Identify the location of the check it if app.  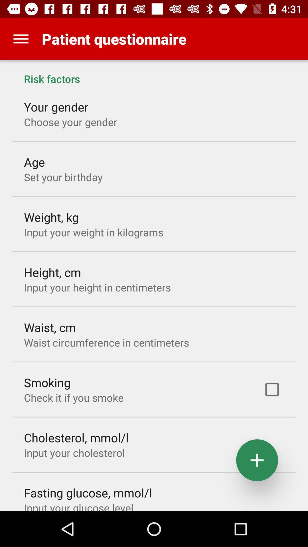
(73, 397).